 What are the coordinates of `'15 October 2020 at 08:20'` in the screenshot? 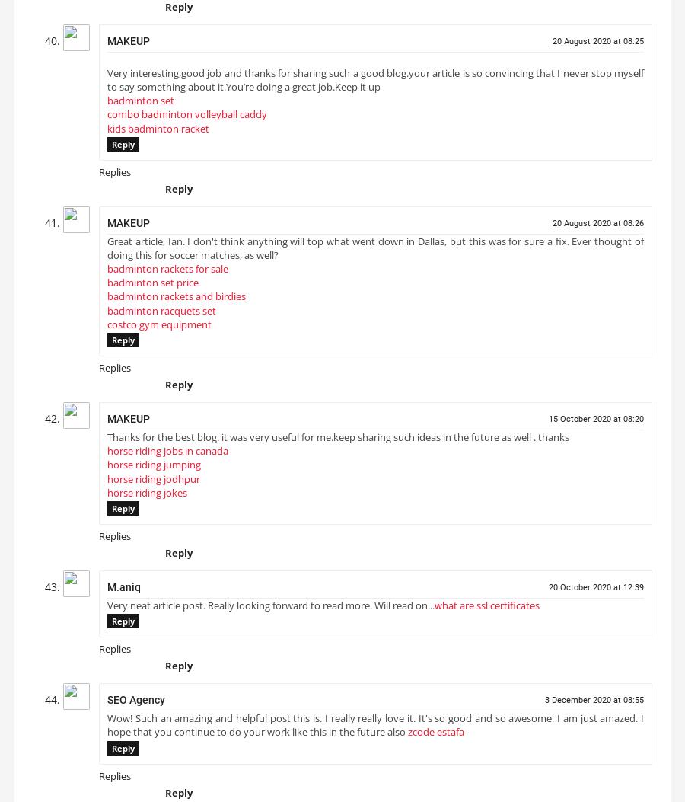 It's located at (595, 423).